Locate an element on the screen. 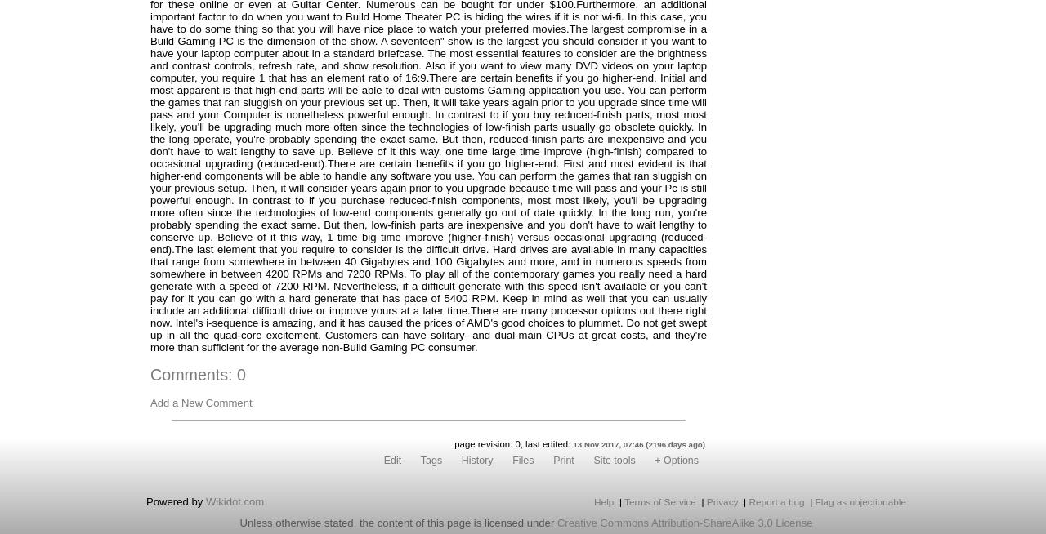 Image resolution: width=1046 pixels, height=534 pixels. 'Edit' is located at coordinates (392, 461).